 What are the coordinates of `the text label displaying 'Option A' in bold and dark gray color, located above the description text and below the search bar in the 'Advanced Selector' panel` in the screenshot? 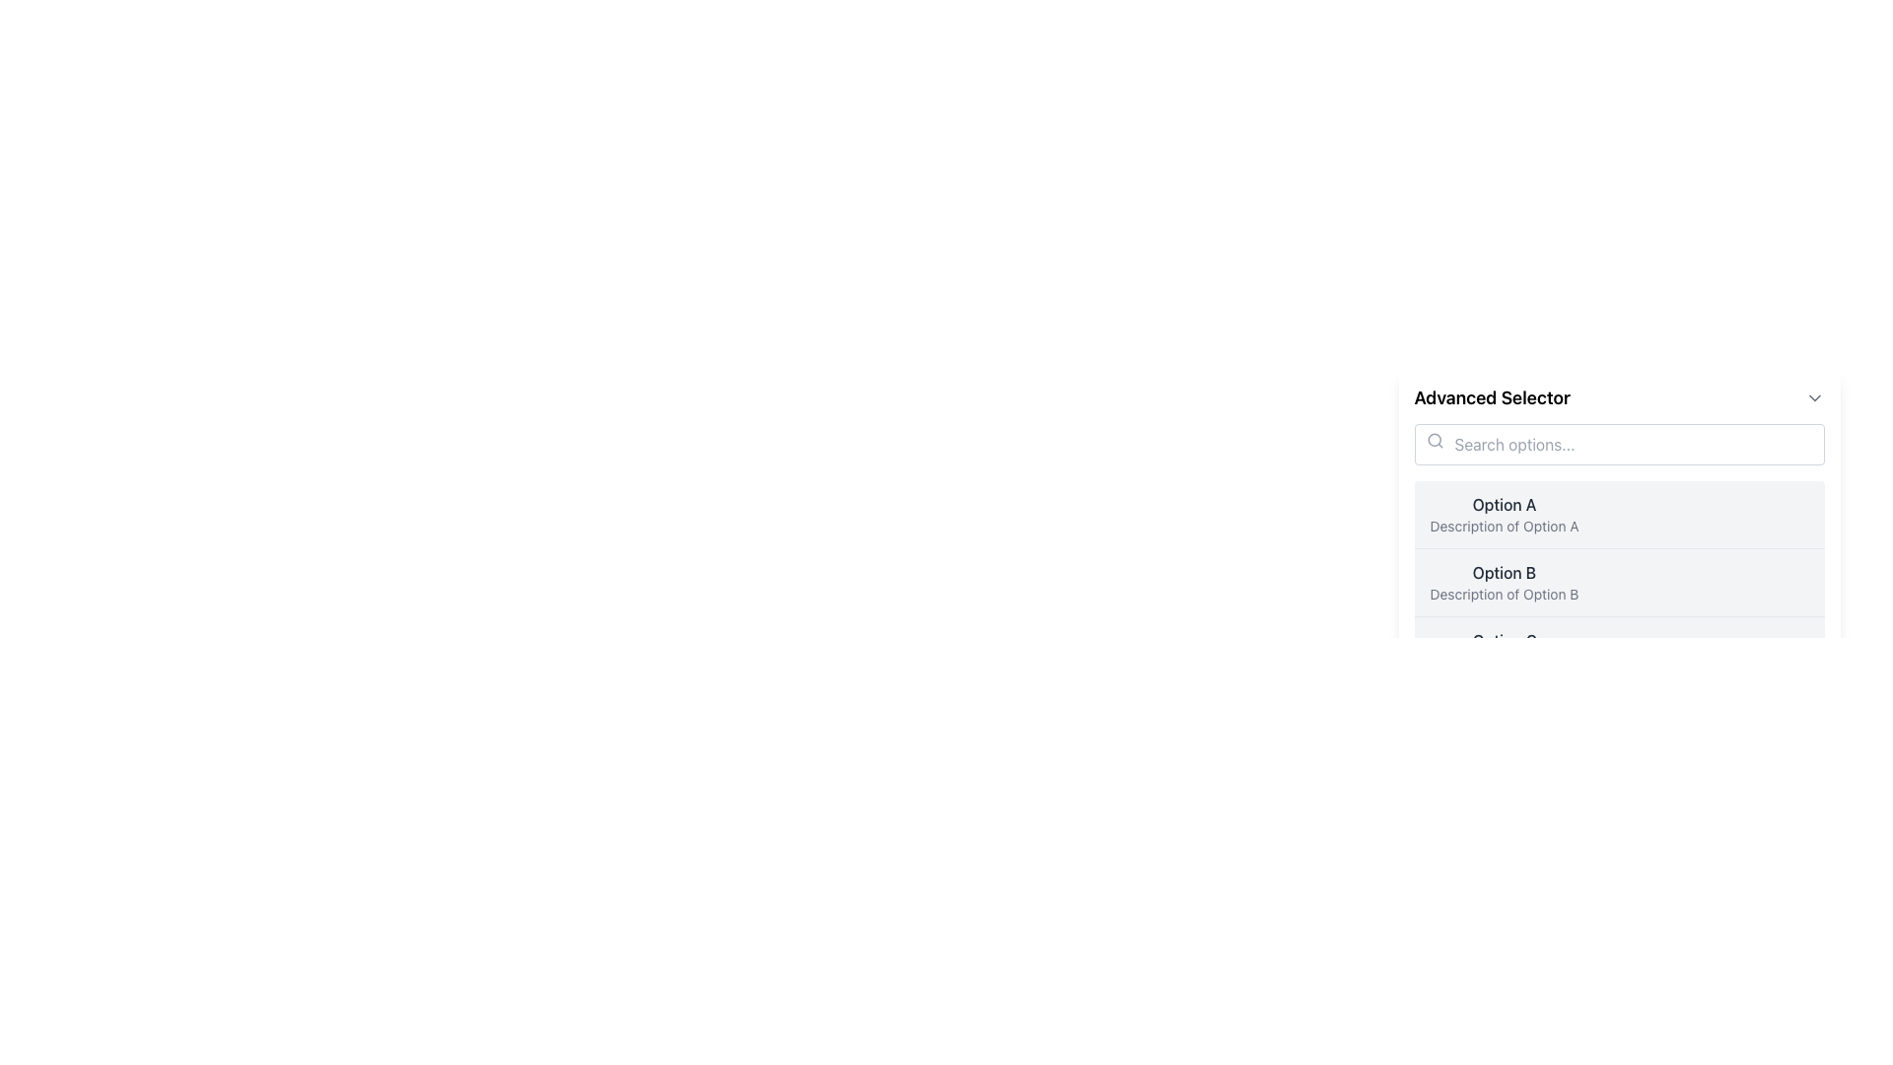 It's located at (1504, 504).